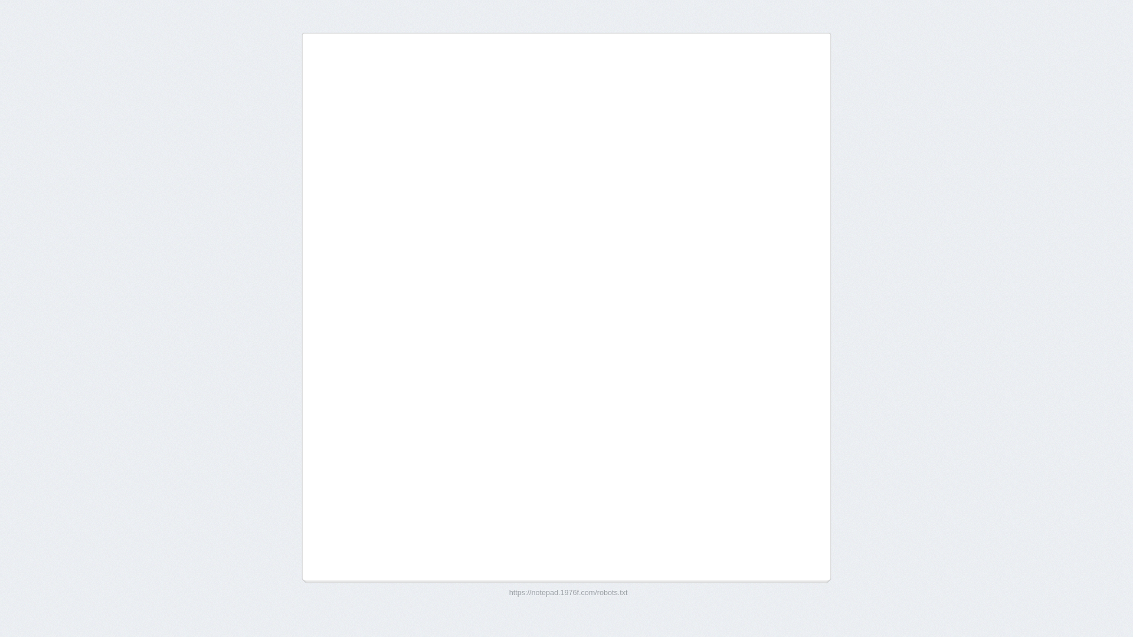  I want to click on 'https://notepad.1976f.com/robots.txt', so click(568, 593).